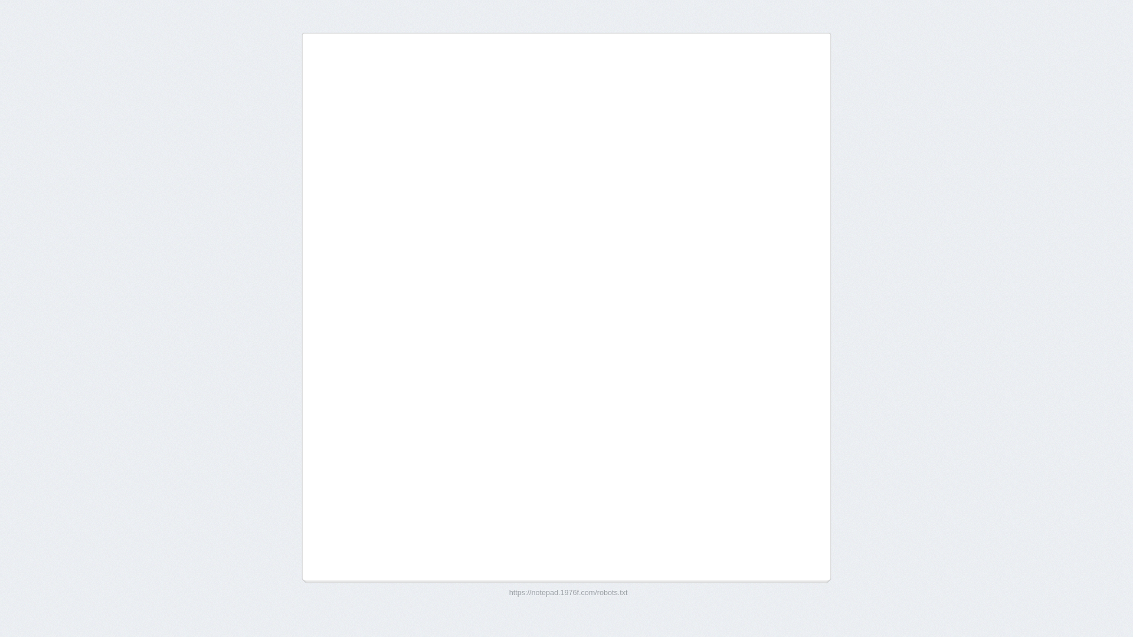  I want to click on 'https://notepad.1976f.com/robots.txt', so click(568, 593).